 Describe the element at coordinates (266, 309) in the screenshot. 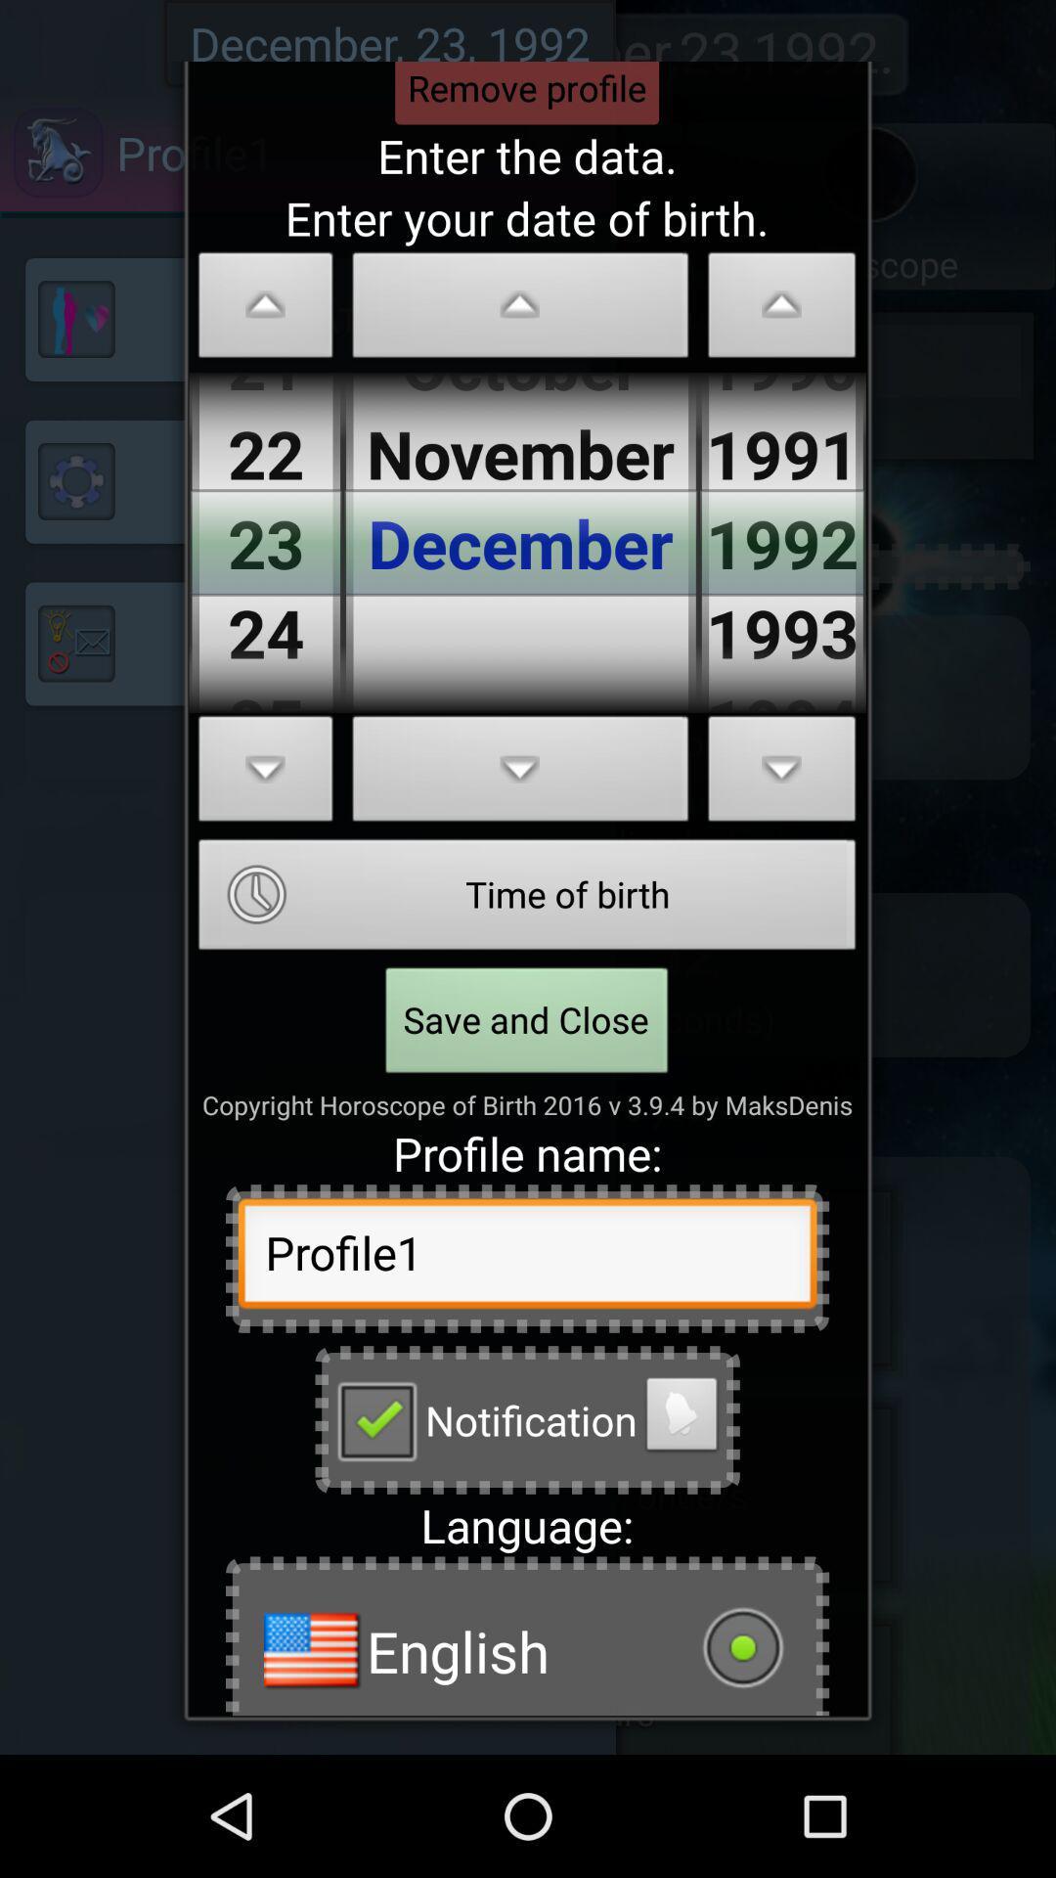

I see `day of the month` at that location.